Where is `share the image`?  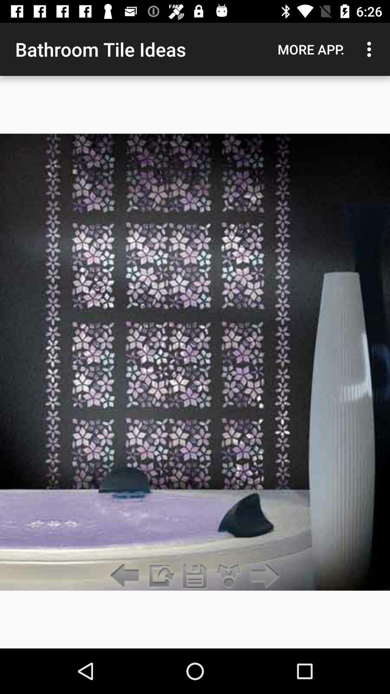
share the image is located at coordinates (160, 576).